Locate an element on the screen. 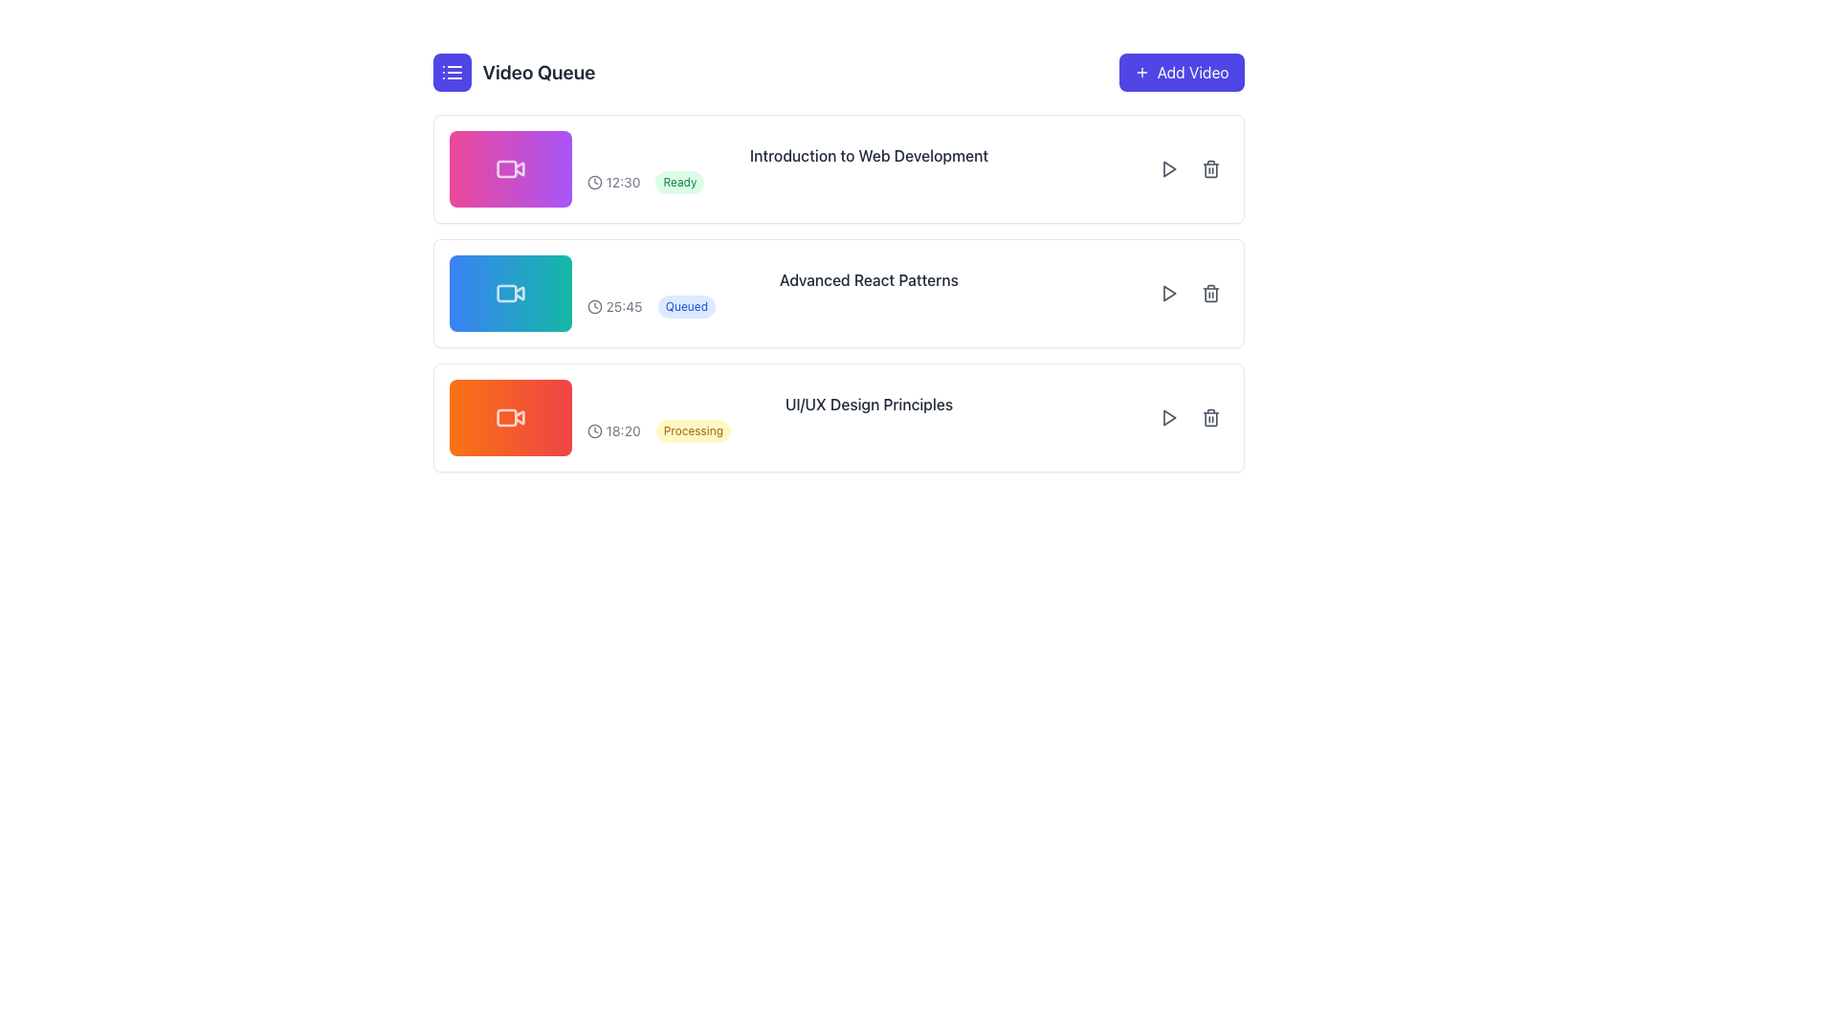 The width and height of the screenshot is (1837, 1033). displayed time information from the Time indicator that shows the clock icon followed by the time text '18:20', located at the bottom left of the video entry labeled 'UI/UX Design Principles' is located at coordinates (613, 431).